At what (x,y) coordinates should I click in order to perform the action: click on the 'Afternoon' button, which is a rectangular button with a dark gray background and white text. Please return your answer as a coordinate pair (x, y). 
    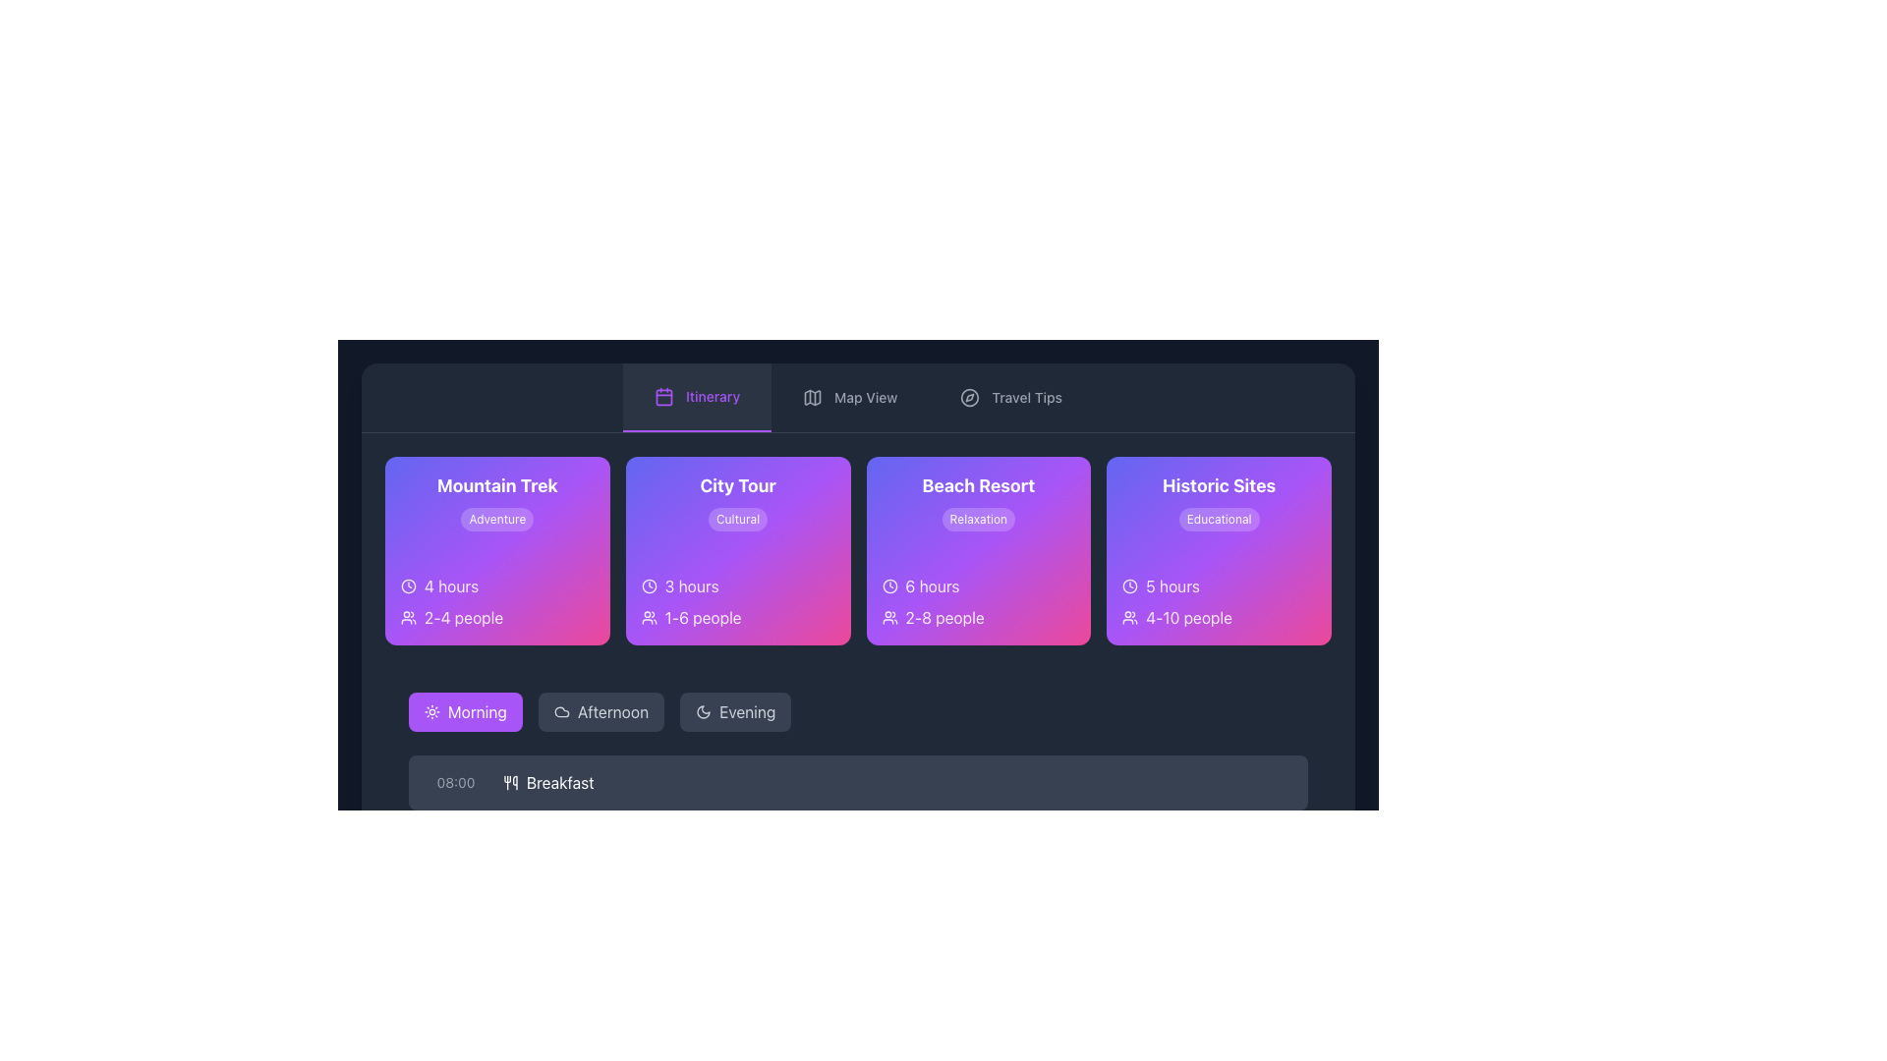
    Looking at the image, I should click on (600, 712).